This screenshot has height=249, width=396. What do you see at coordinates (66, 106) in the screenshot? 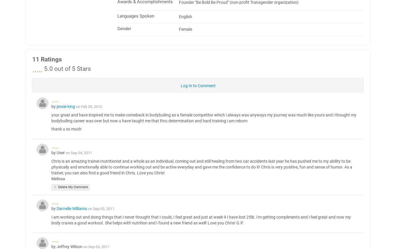
I see `'jessie king'` at bounding box center [66, 106].